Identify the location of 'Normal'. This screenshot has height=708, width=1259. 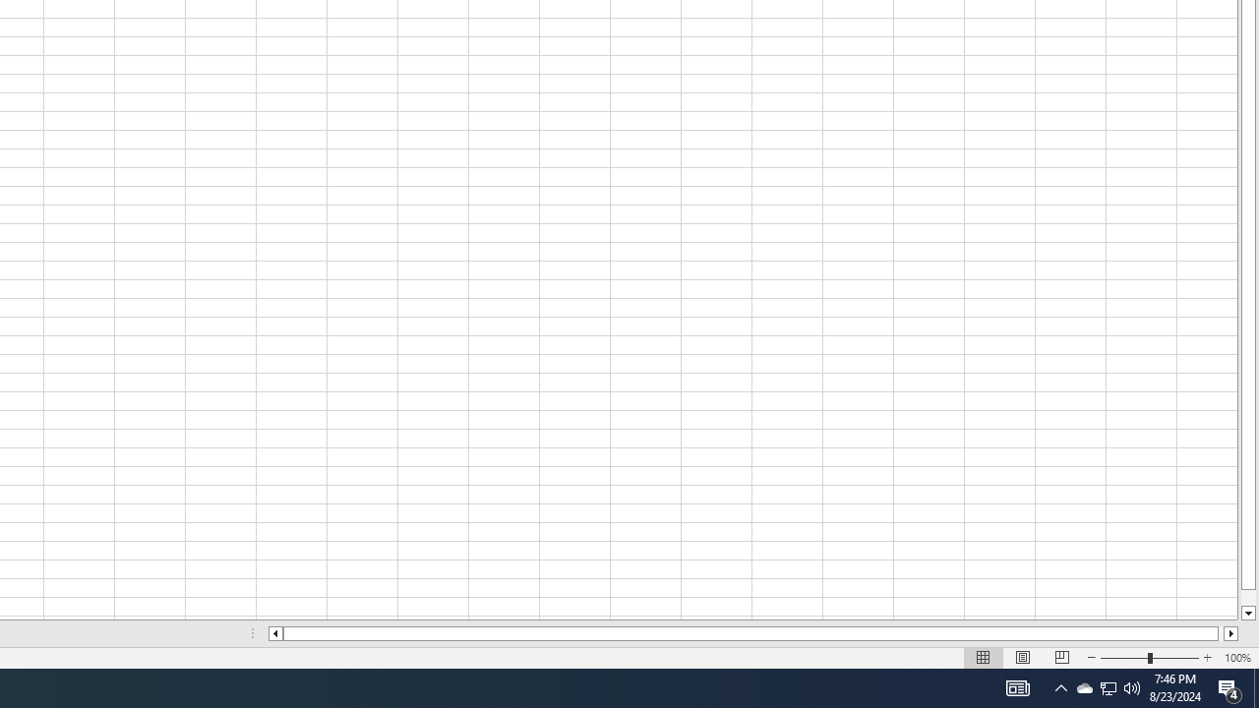
(984, 658).